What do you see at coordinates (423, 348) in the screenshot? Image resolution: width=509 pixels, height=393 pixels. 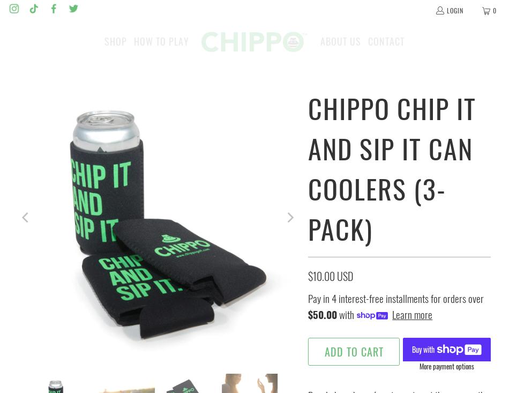 I see `'Buy with'` at bounding box center [423, 348].